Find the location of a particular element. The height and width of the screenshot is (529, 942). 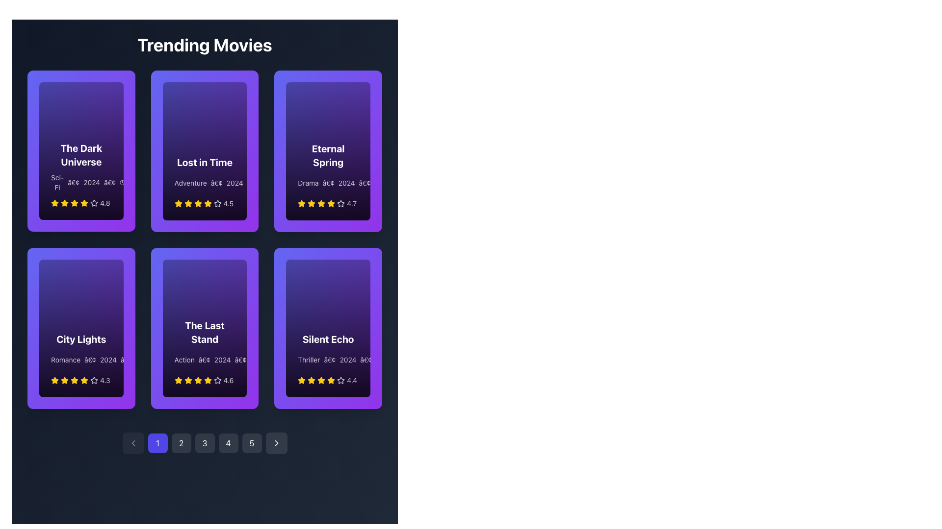

numerical rating (4.4) displayed in the bottom-right area of the 'Silent Echo' movie card, next to the stars representing the rating is located at coordinates (352, 380).